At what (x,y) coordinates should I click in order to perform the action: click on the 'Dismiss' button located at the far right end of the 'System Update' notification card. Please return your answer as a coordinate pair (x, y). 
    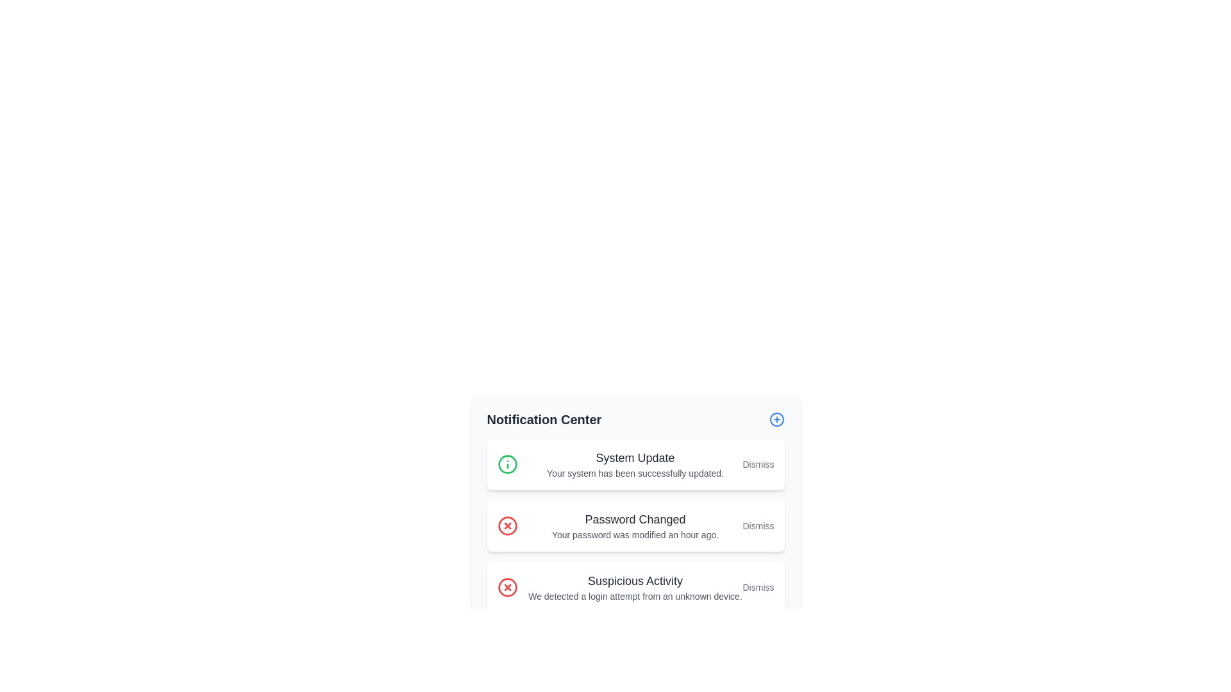
    Looking at the image, I should click on (758, 465).